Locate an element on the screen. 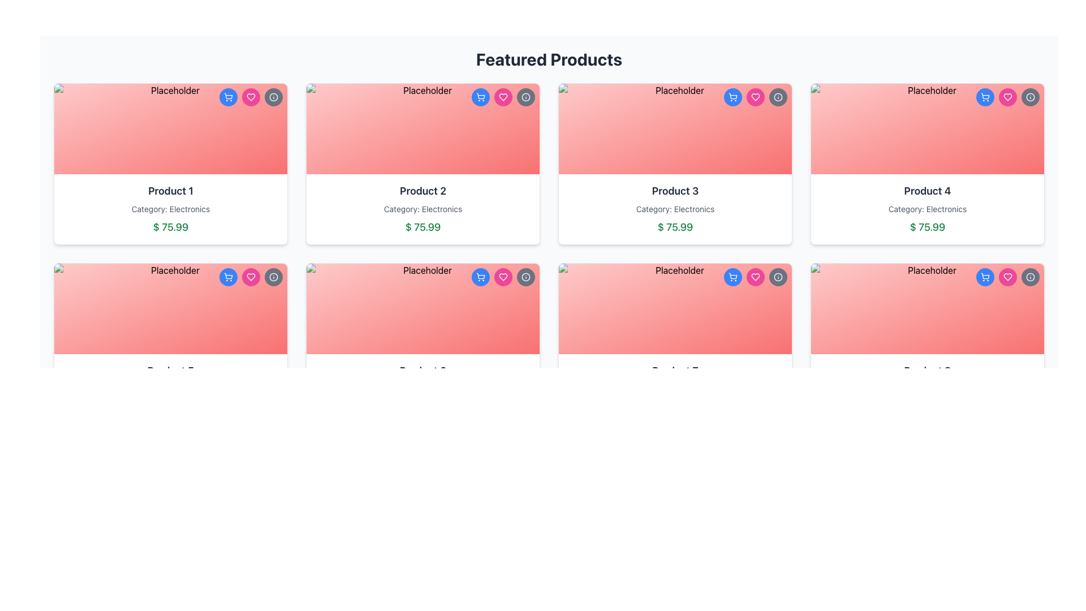 Image resolution: width=1086 pixels, height=611 pixels. the circular pink button with a white heart icon, which is the second button in the top-right corner of the 'Product 1' card is located at coordinates (251, 277).